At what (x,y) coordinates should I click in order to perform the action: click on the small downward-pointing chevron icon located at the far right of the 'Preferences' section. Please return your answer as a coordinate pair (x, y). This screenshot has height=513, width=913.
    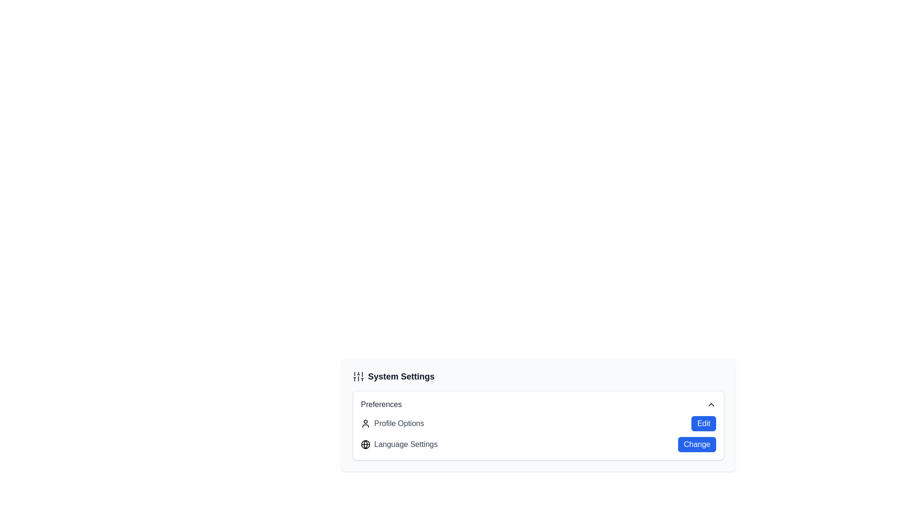
    Looking at the image, I should click on (711, 405).